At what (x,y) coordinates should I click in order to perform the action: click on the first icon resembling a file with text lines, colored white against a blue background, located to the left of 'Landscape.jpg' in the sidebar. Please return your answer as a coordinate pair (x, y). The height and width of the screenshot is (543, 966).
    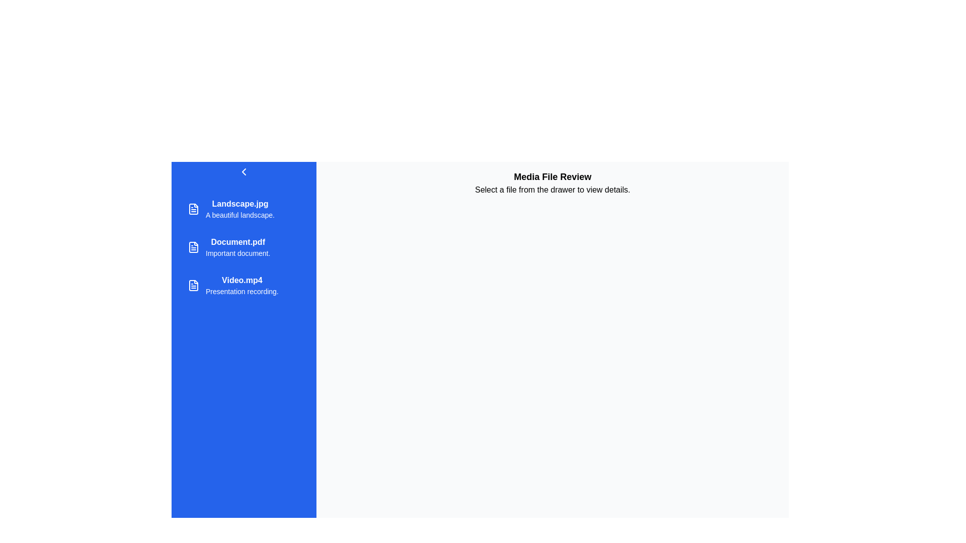
    Looking at the image, I should click on (193, 209).